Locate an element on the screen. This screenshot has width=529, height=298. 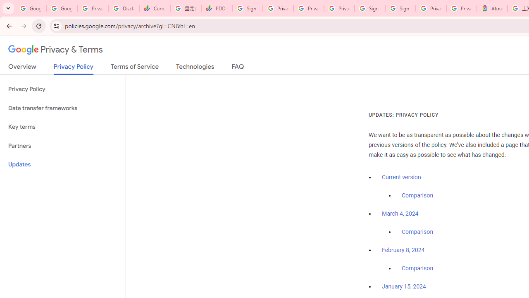
'January 15, 2024' is located at coordinates (404, 286).